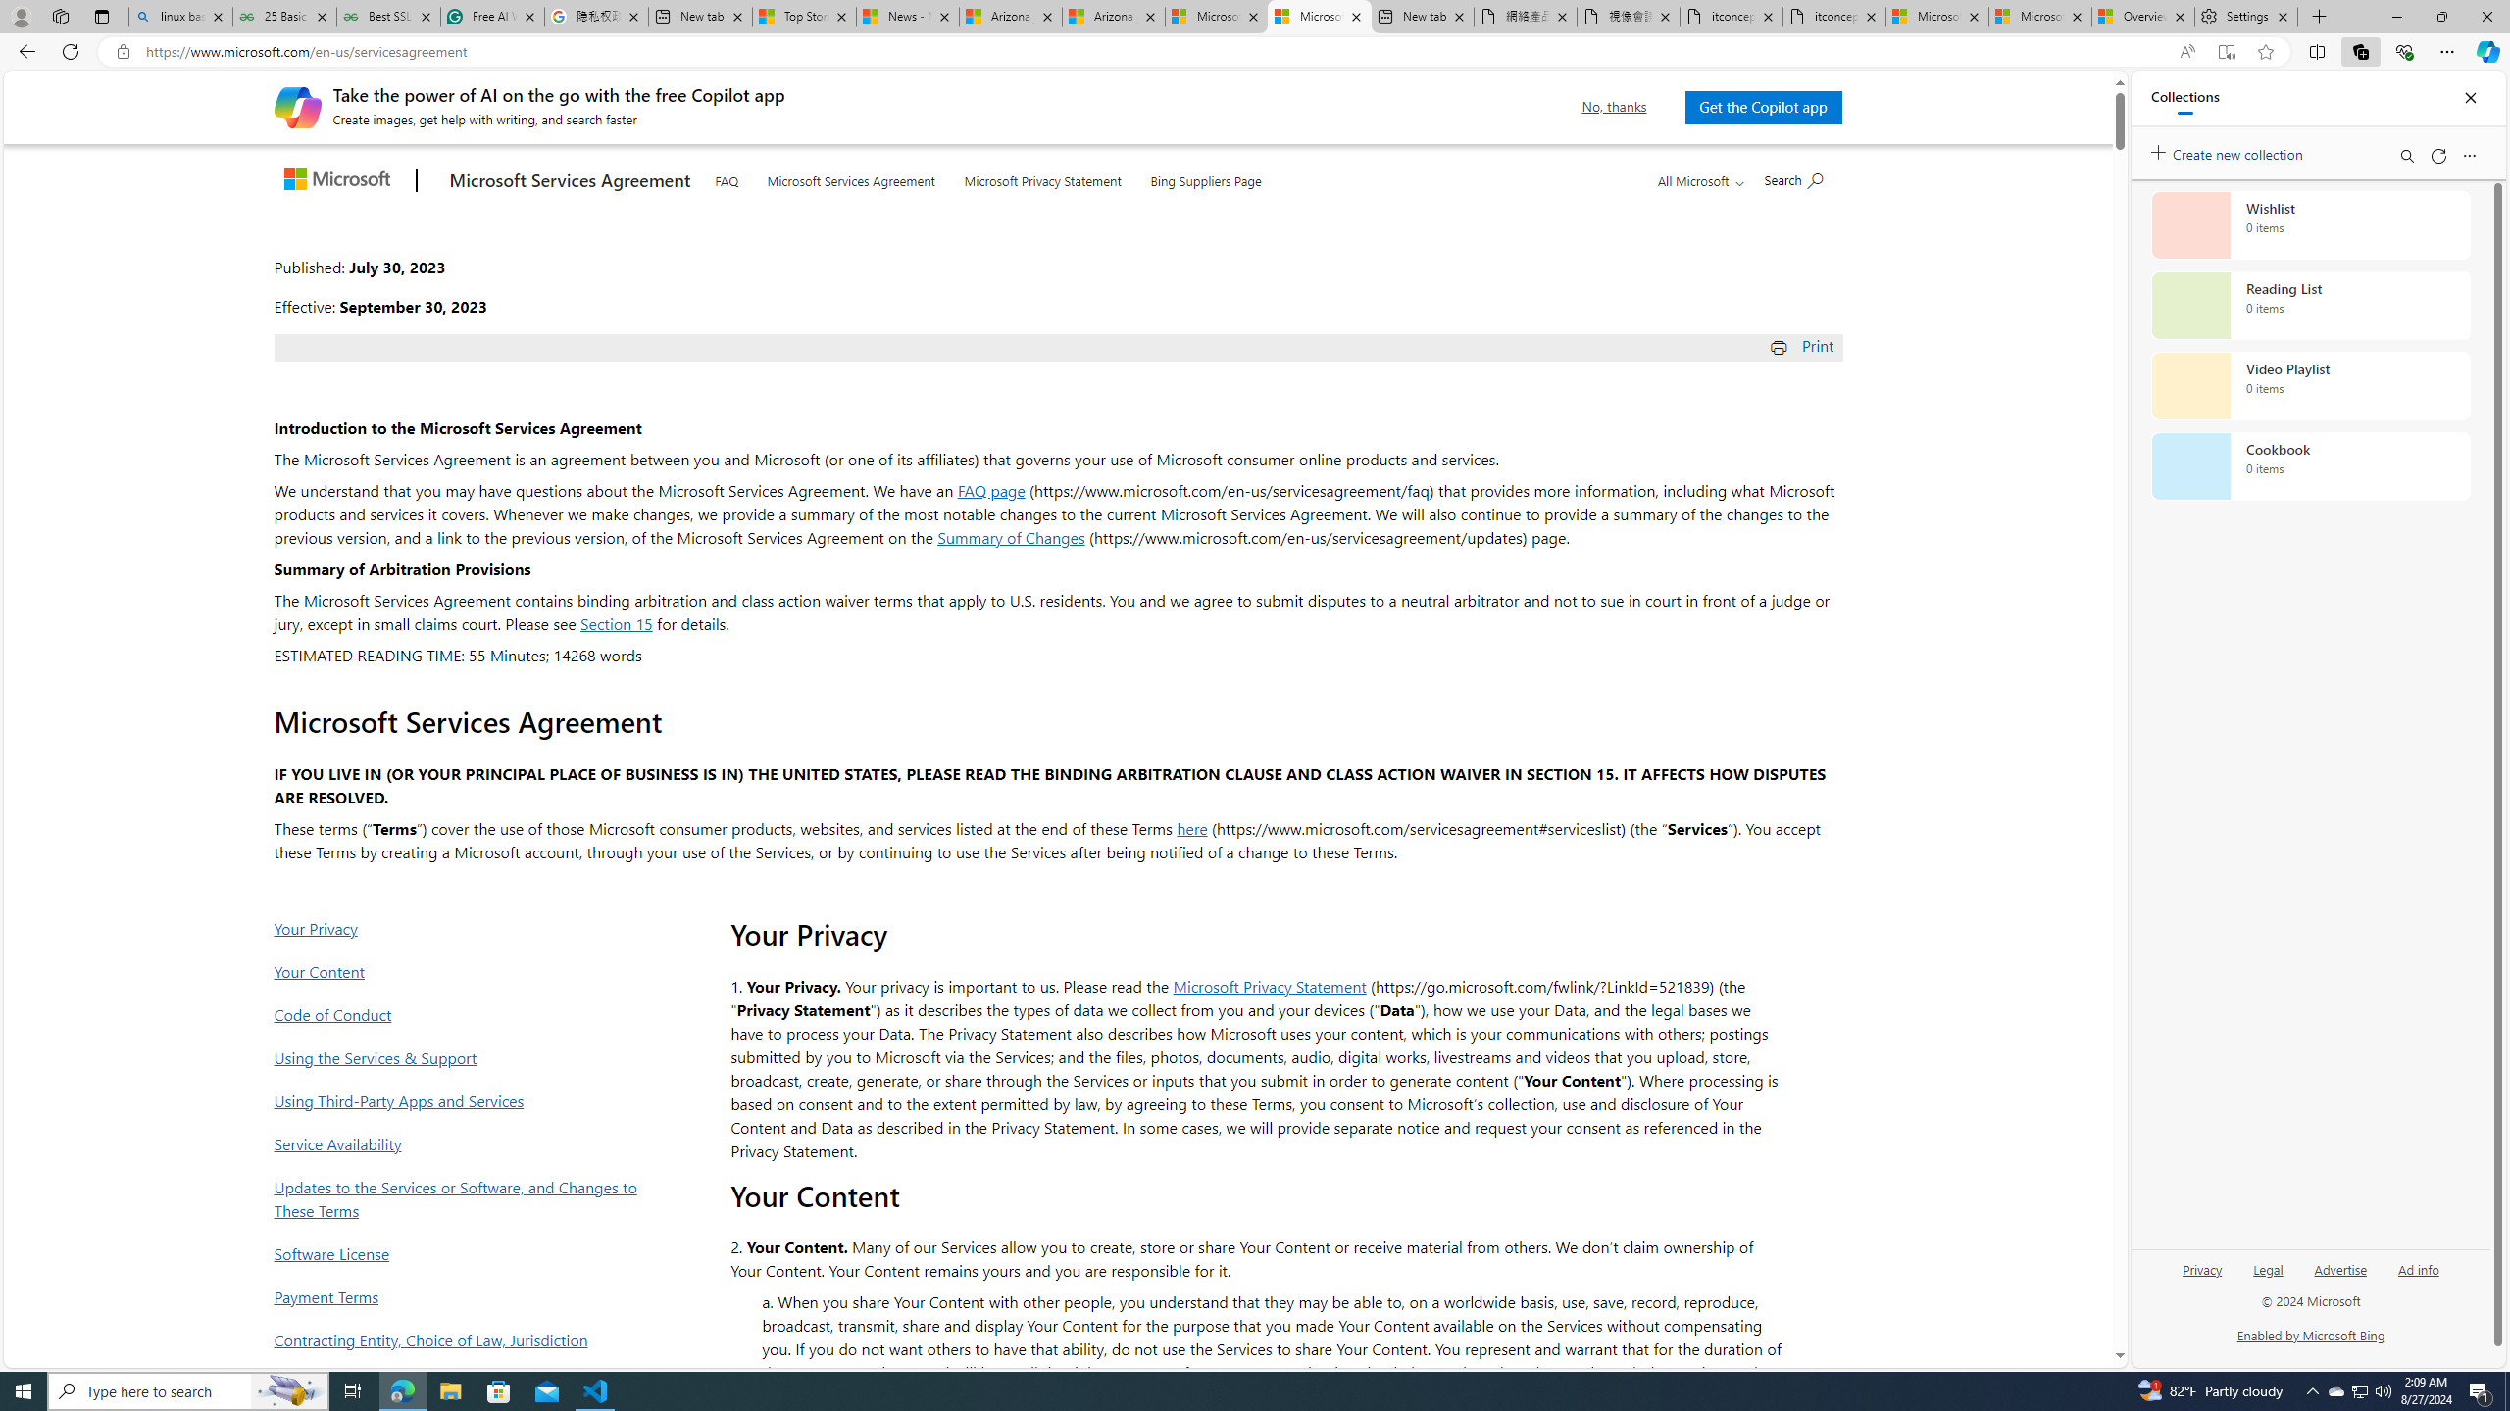 This screenshot has width=2510, height=1411. What do you see at coordinates (615, 622) in the screenshot?
I see `'Section 15'` at bounding box center [615, 622].